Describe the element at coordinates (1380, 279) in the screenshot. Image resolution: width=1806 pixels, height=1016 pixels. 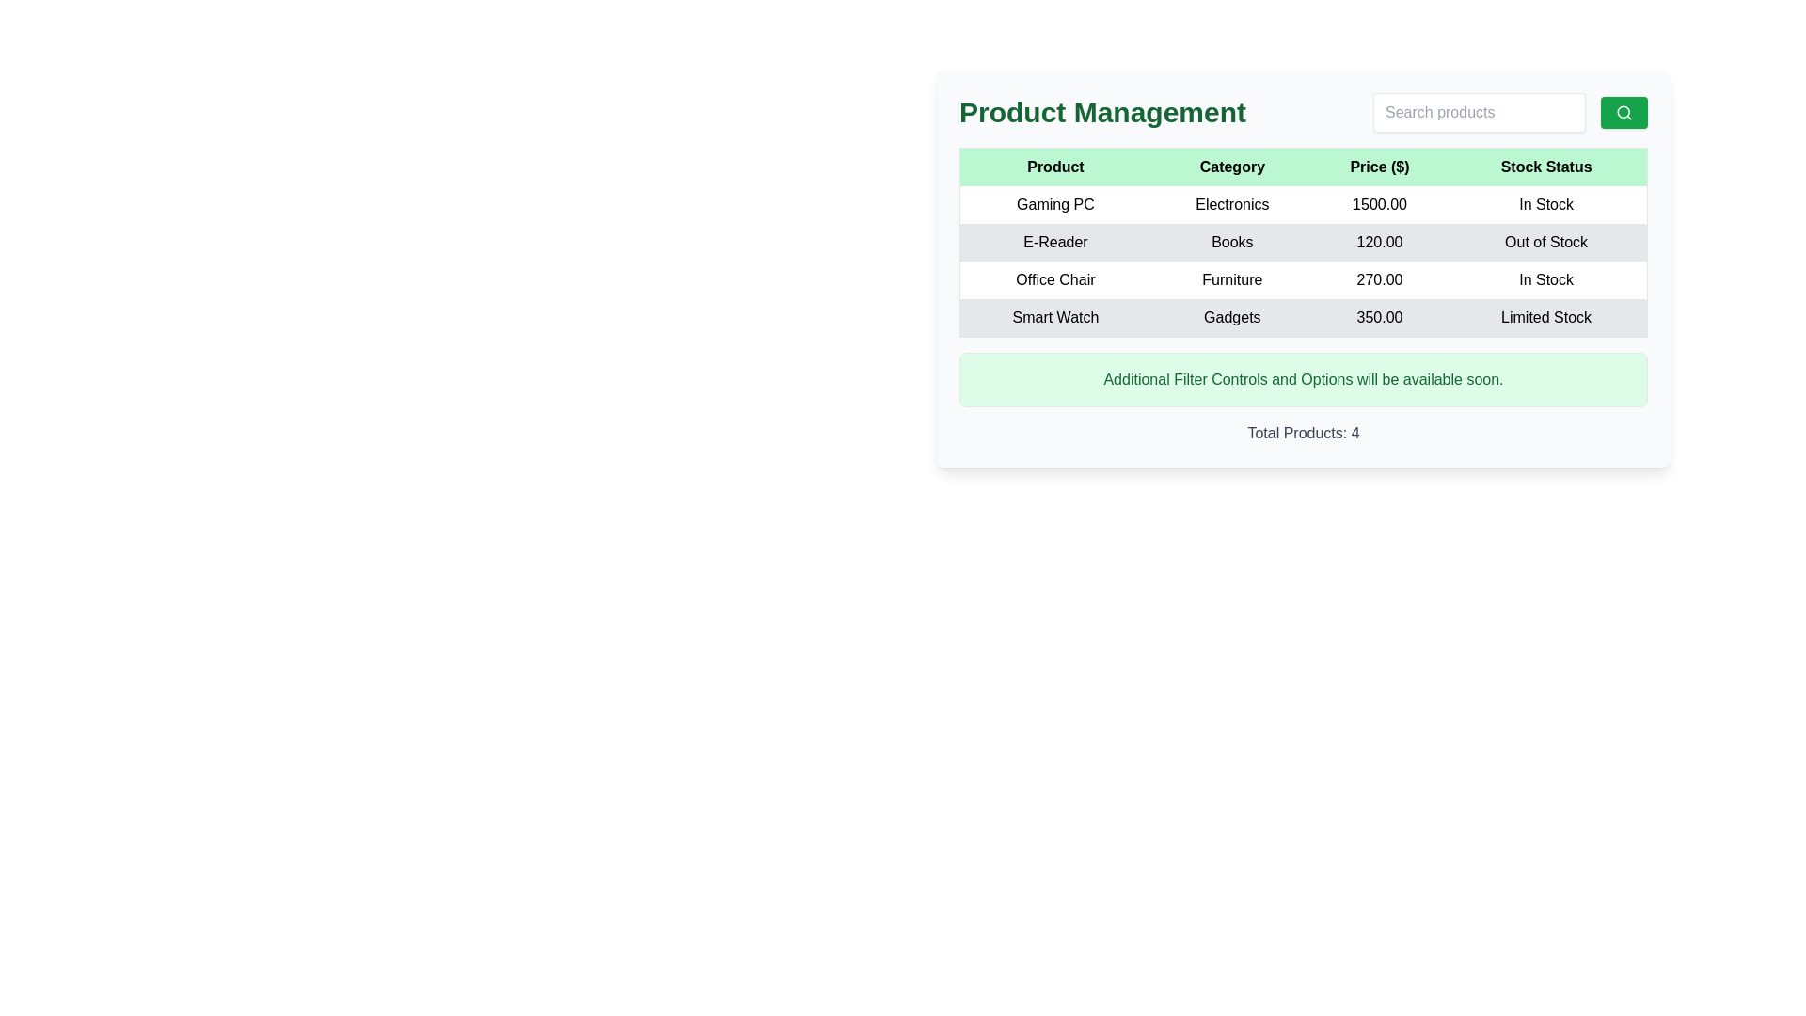
I see `displayed text of the text label showing '270.00' in the 'Price ($)' column for the 'Office Chair' product` at that location.